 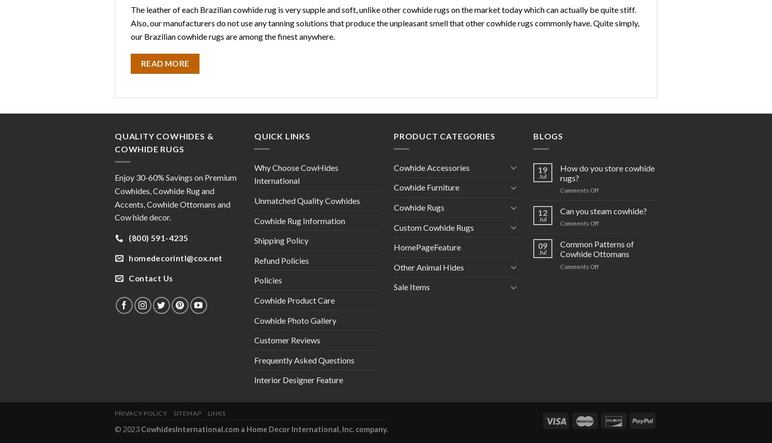 I want to click on 'homedecorintl@cox.net', so click(x=175, y=257).